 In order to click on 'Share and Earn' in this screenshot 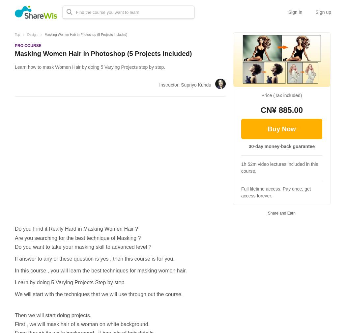, I will do `click(281, 213)`.